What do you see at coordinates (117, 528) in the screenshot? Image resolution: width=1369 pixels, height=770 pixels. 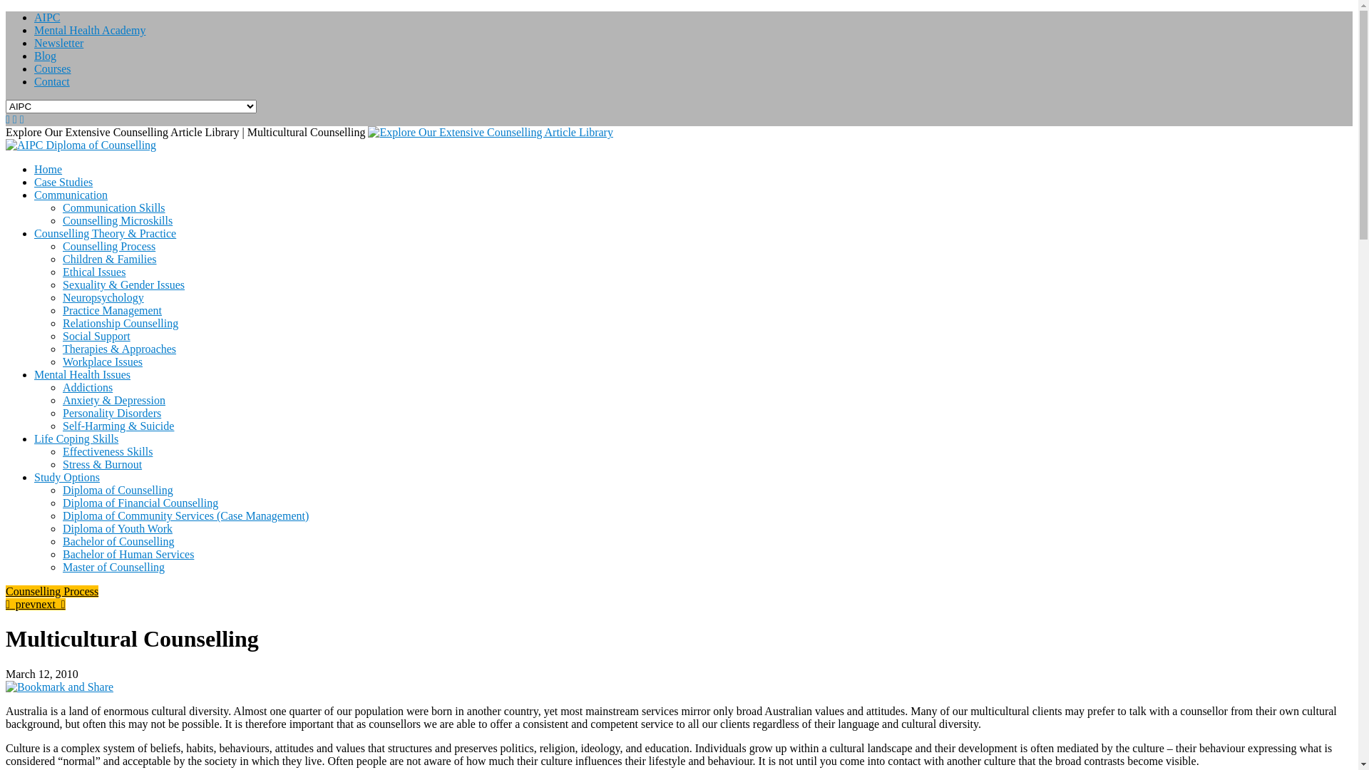 I see `'Diploma of Youth Work'` at bounding box center [117, 528].